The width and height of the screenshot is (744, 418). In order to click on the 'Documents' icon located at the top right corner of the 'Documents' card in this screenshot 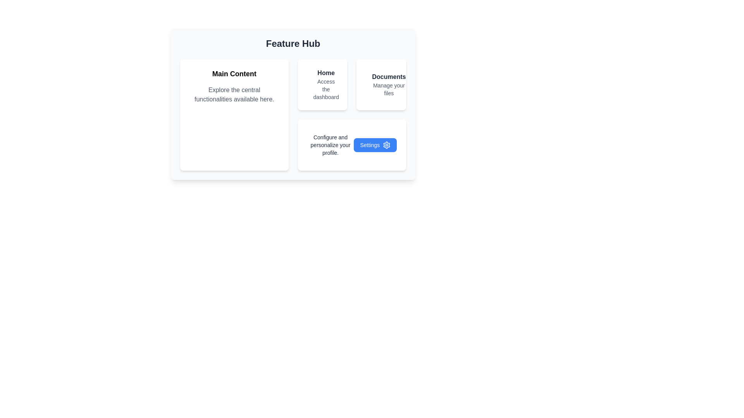, I will do `click(370, 83)`.